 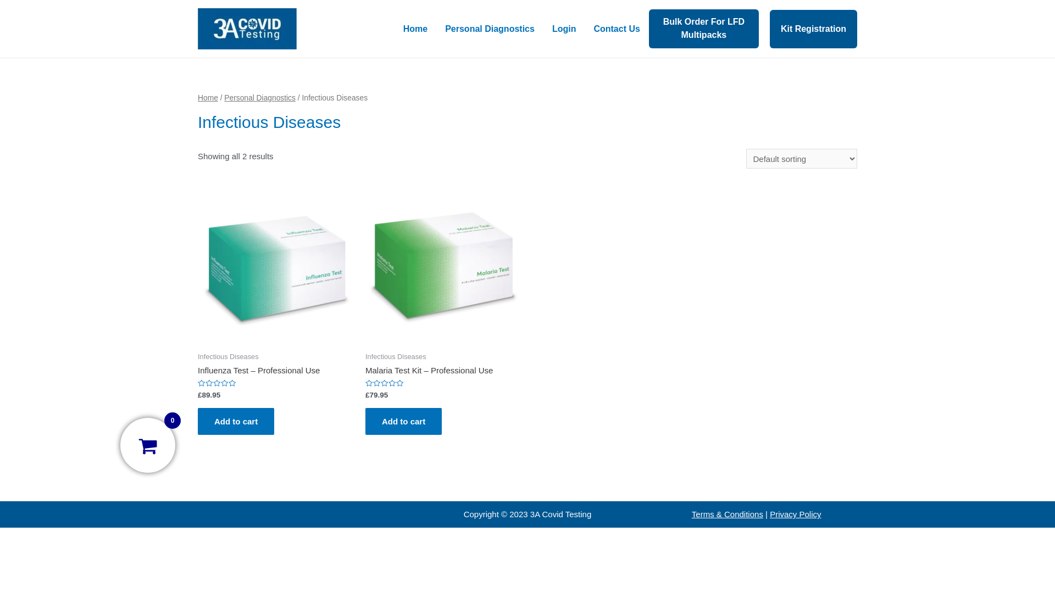 What do you see at coordinates (259, 97) in the screenshot?
I see `'Personal Diagnostics'` at bounding box center [259, 97].